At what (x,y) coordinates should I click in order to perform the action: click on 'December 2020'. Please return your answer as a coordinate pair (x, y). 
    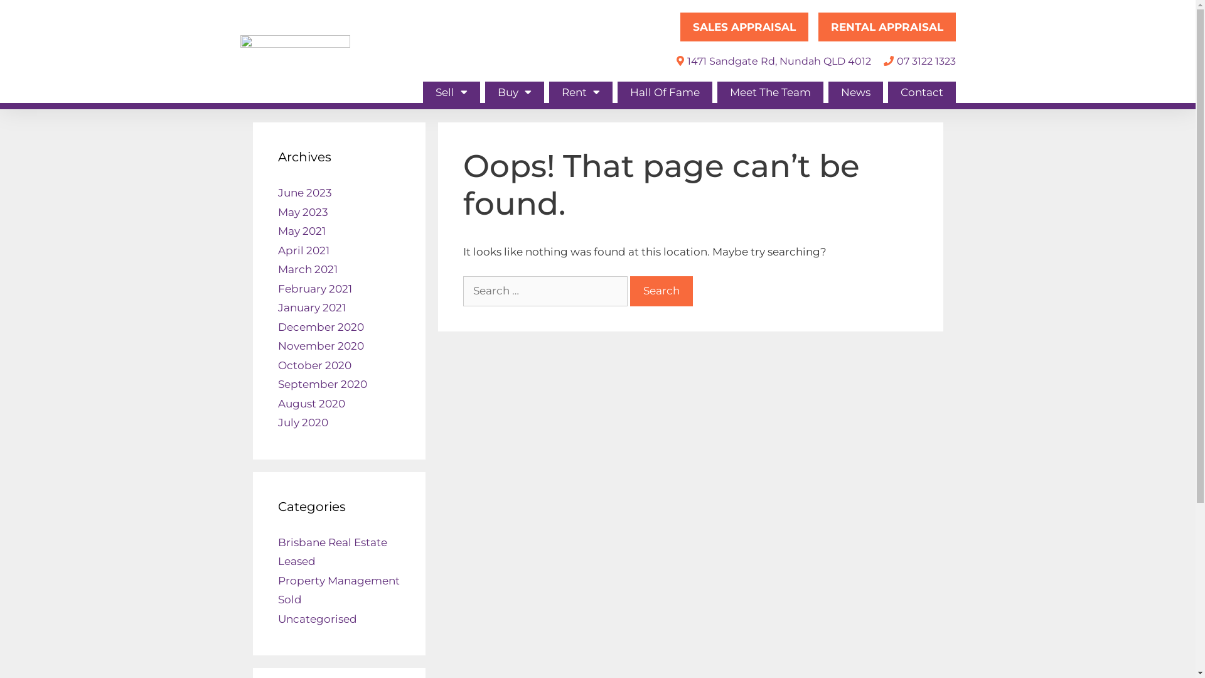
    Looking at the image, I should click on (320, 326).